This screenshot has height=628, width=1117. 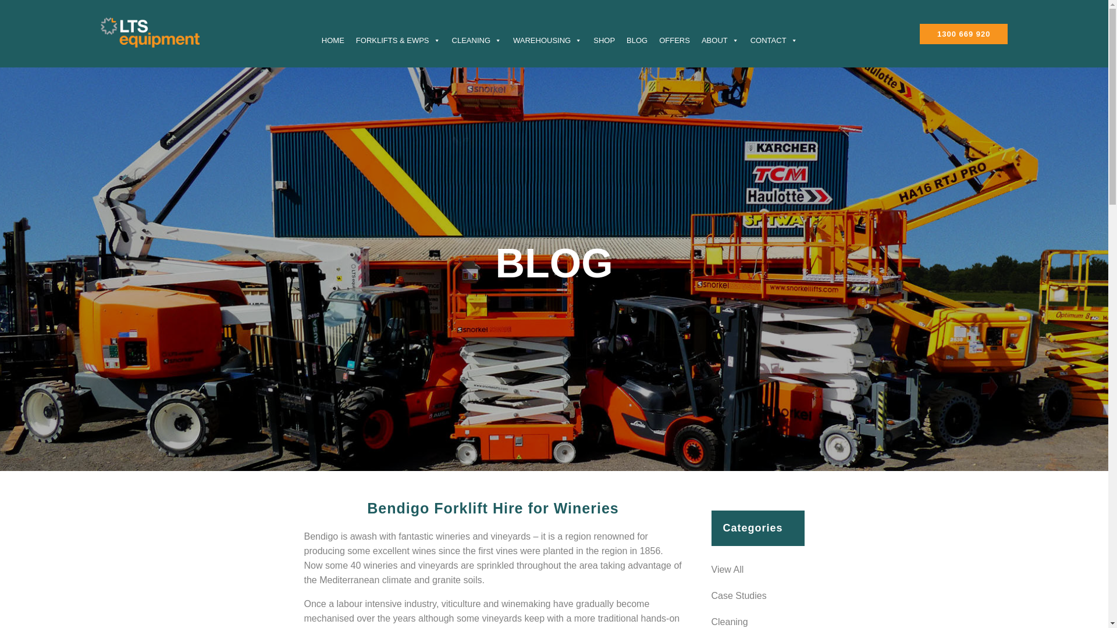 I want to click on 'HOME', so click(x=332, y=40).